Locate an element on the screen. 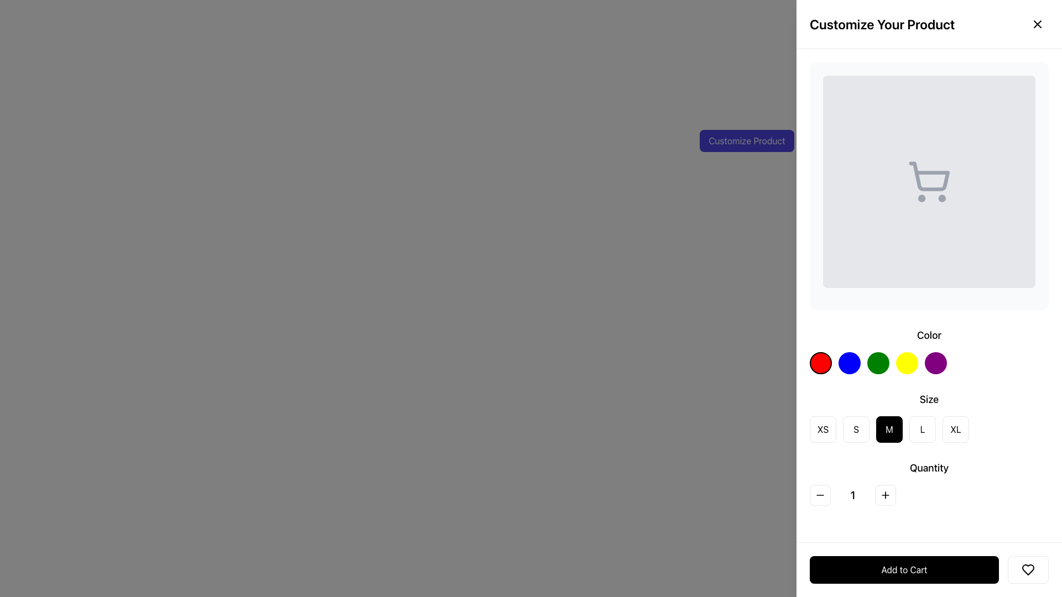 This screenshot has height=597, width=1062. the first circular color selection button with a red background and black border is located at coordinates (820, 363).